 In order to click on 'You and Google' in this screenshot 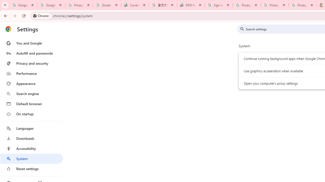, I will do `click(31, 43)`.